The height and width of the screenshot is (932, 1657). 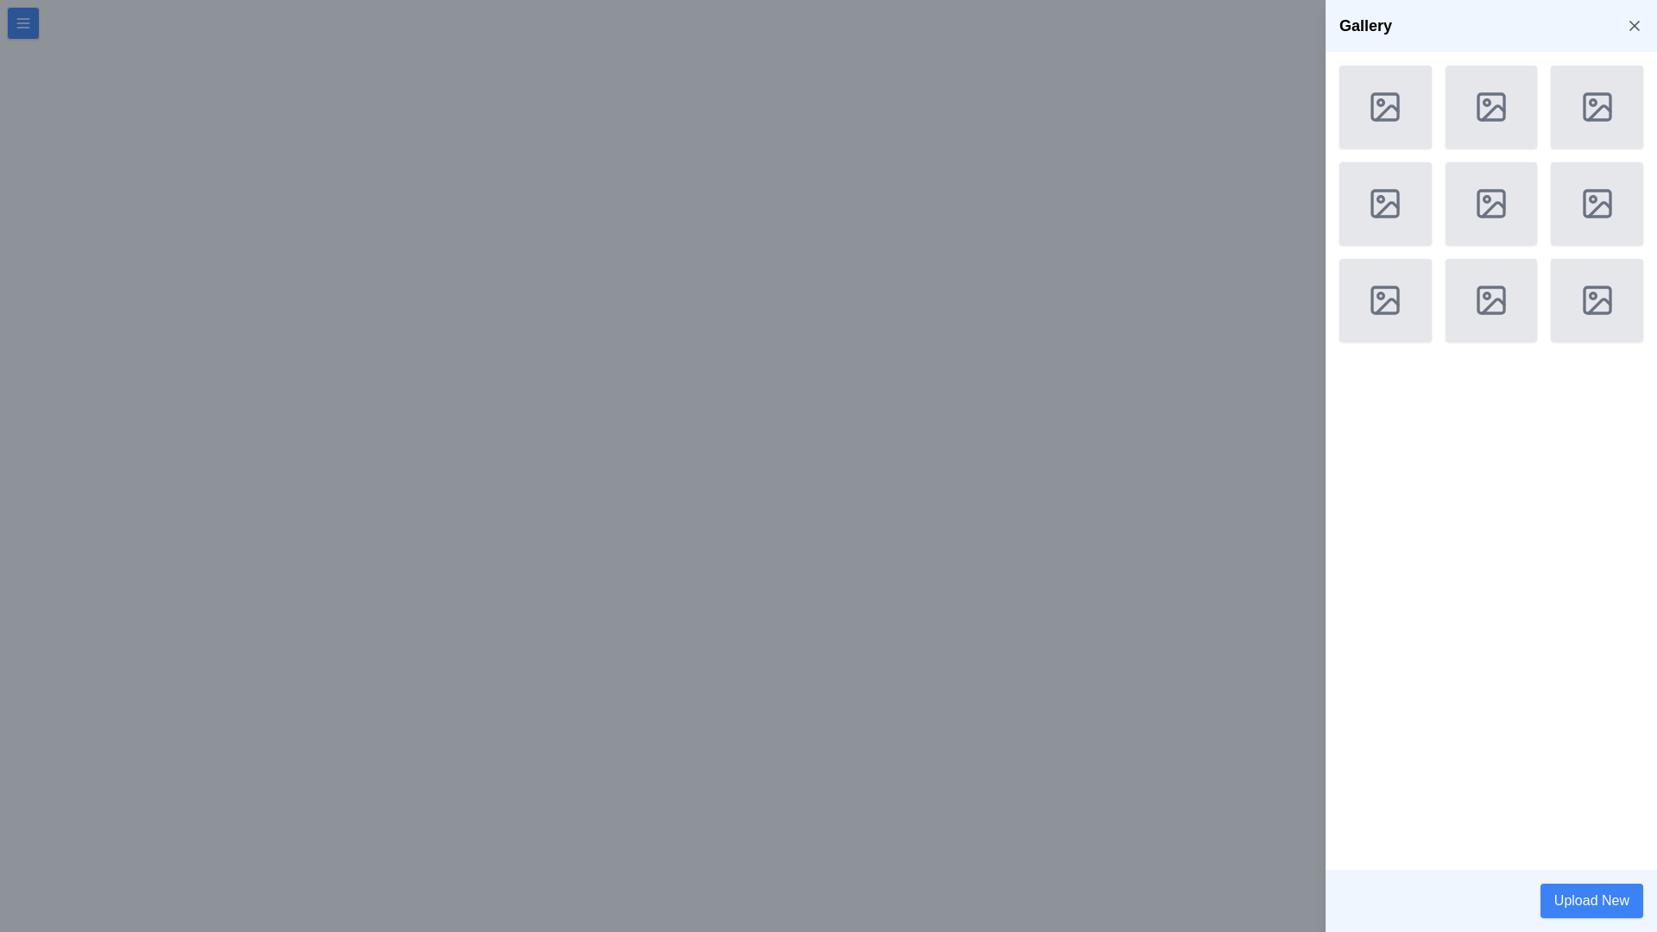 What do you see at coordinates (1490, 202) in the screenshot?
I see `the rectangular card with a gray background and picture frame icon located in the second row and second column of the gallery grid` at bounding box center [1490, 202].